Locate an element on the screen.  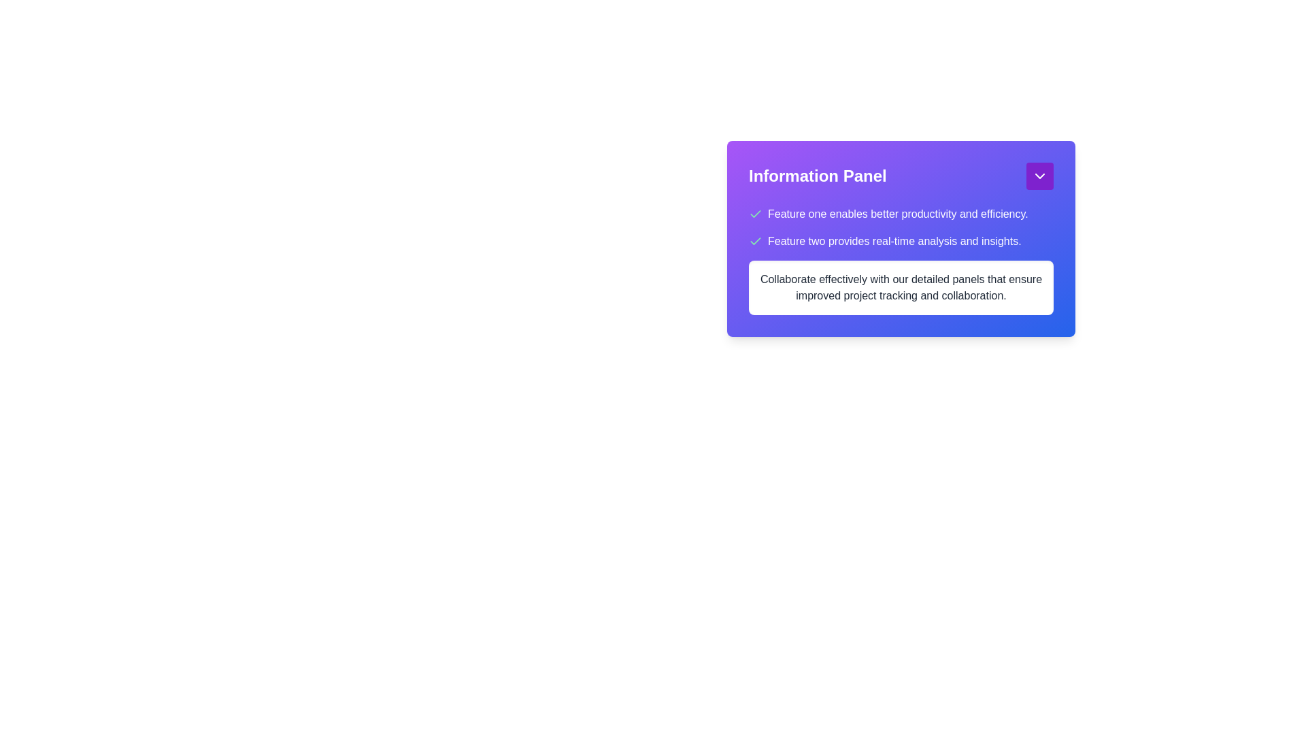
the text description with icon that conveys real-time analysis and insights, located in the purple card below 'Feature one enables better productivity and efficiency.' is located at coordinates (901, 240).